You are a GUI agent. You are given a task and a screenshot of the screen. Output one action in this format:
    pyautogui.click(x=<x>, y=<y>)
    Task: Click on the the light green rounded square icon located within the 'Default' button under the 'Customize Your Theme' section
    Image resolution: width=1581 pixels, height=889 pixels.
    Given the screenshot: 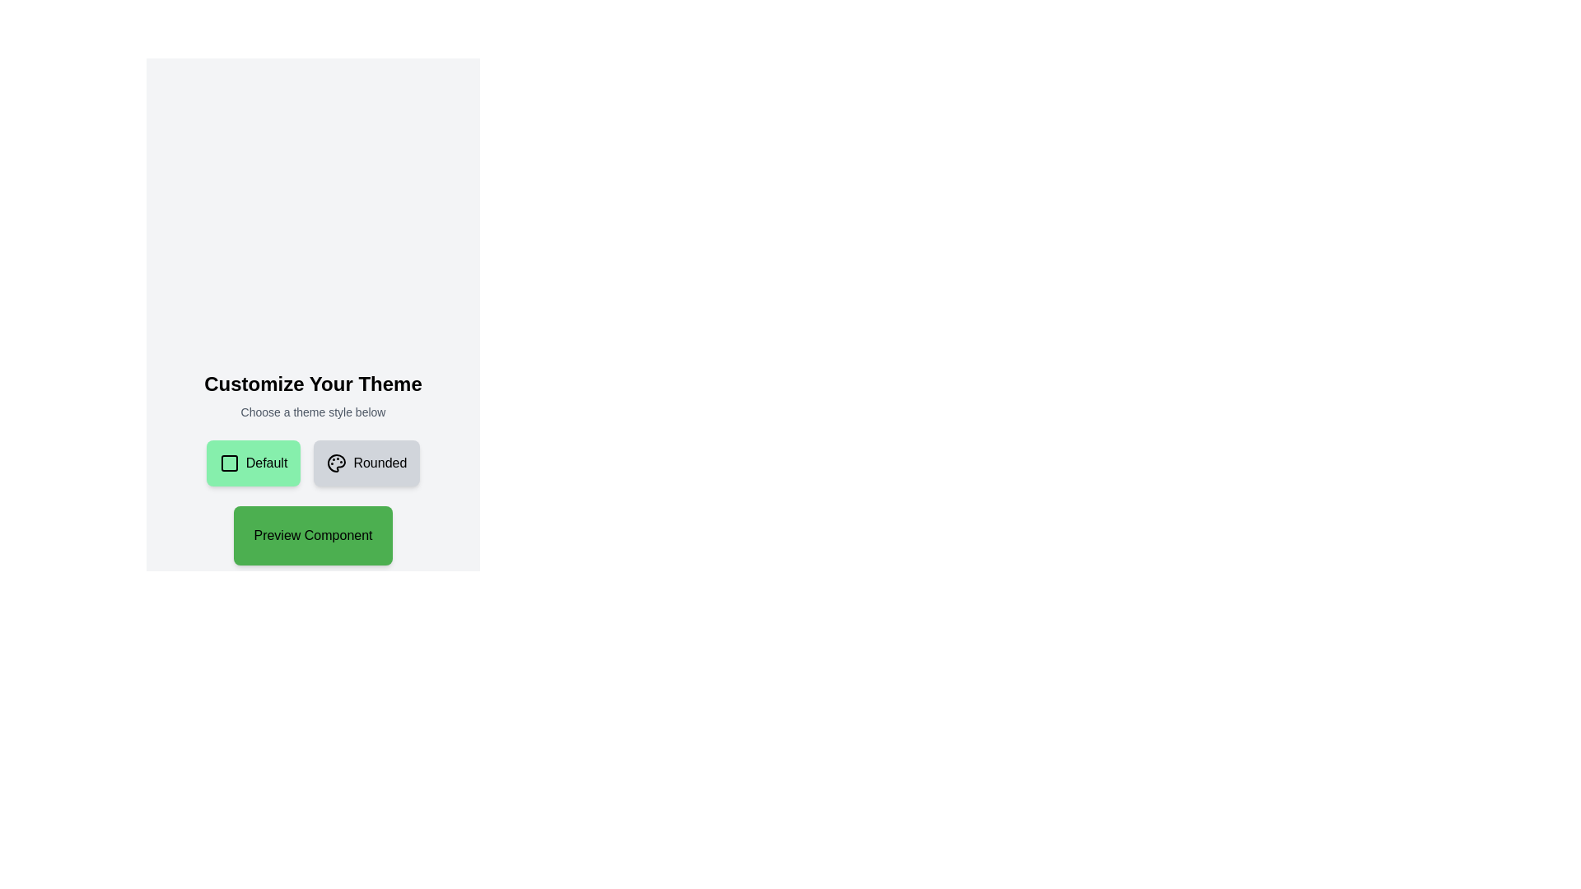 What is the action you would take?
    pyautogui.click(x=228, y=463)
    